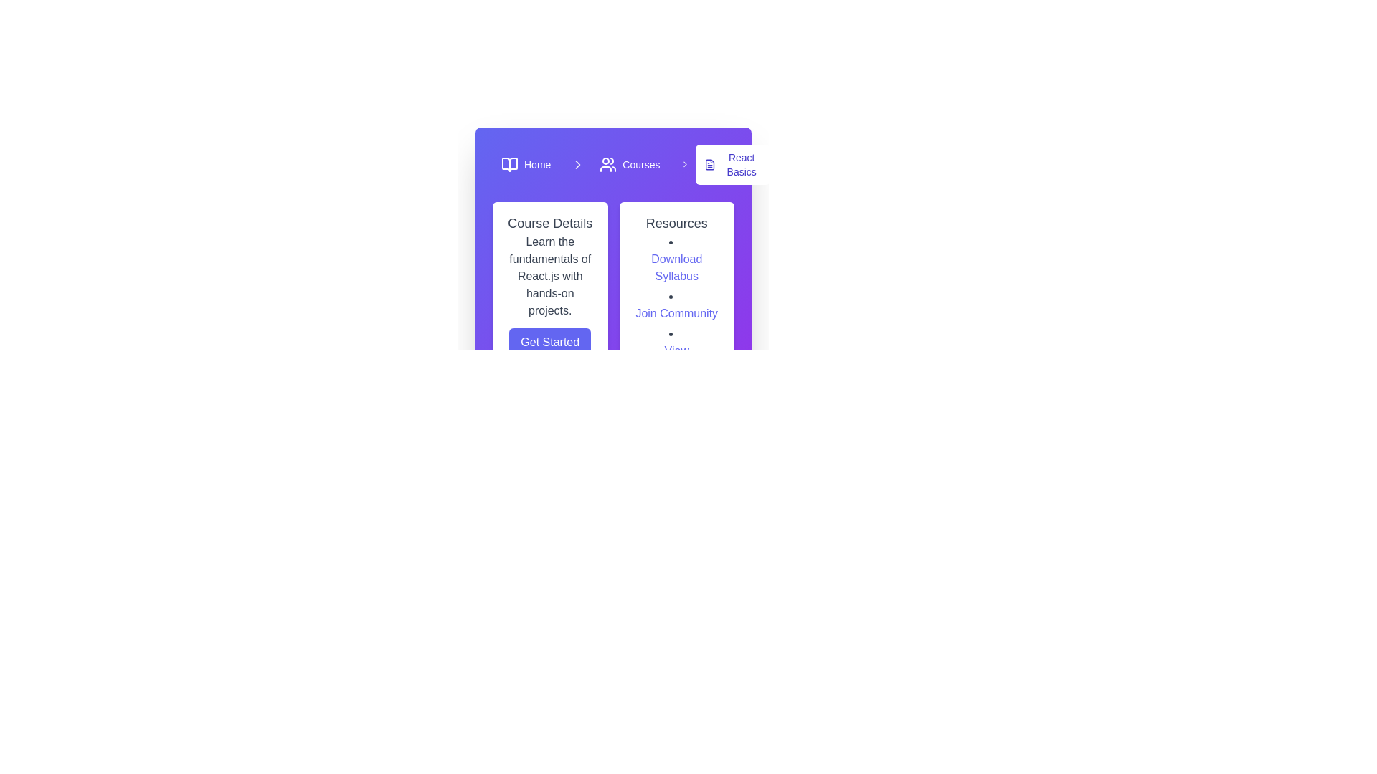 Image resolution: width=1377 pixels, height=774 pixels. Describe the element at coordinates (676, 313) in the screenshot. I see `the second hyperlink in the 'Resources' section` at that location.